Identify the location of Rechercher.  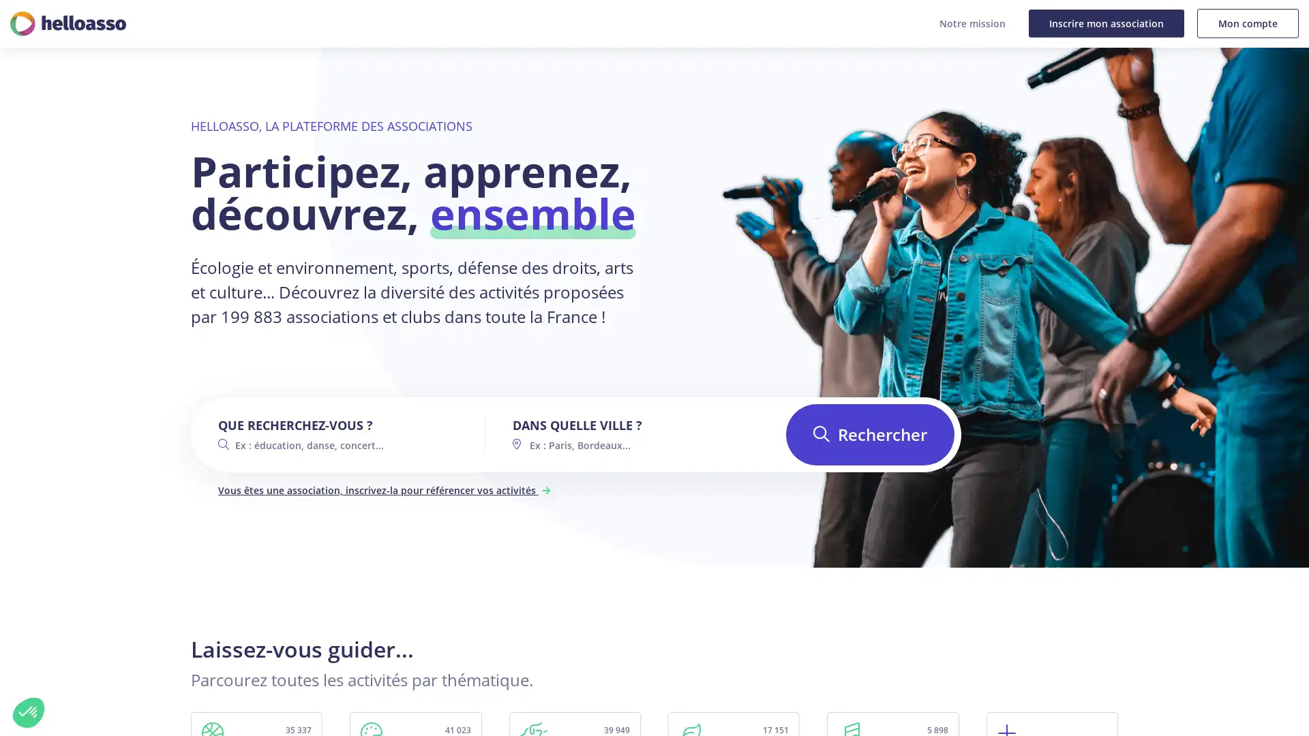
(869, 433).